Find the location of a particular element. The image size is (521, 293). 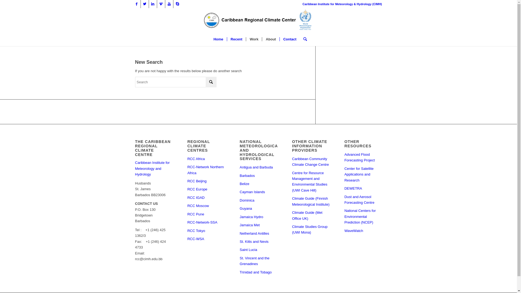

'Dust and Aerosol Forecasting Centre' is located at coordinates (363, 200).